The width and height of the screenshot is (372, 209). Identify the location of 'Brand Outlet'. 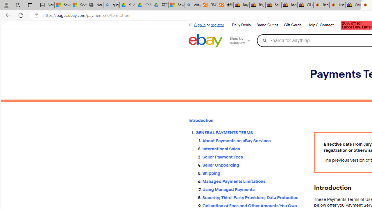
(267, 25).